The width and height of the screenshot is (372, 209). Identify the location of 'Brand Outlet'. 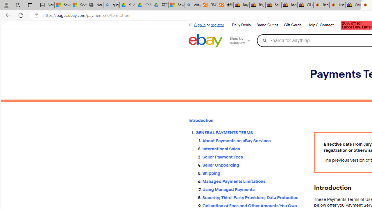
(267, 25).